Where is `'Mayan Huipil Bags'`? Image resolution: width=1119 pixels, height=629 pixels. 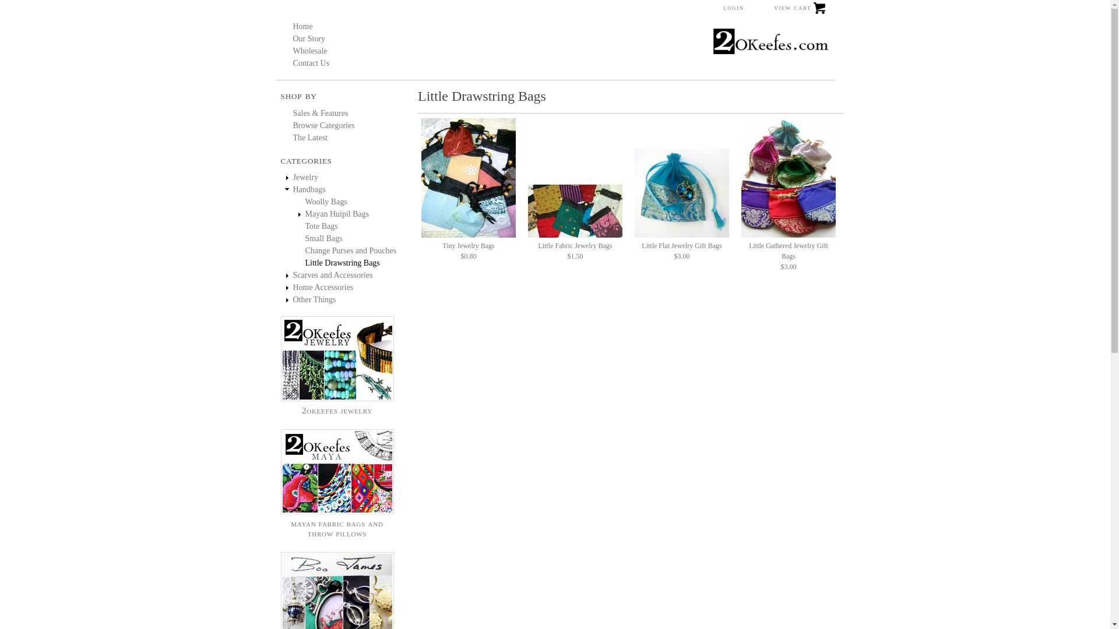
'Mayan Huipil Bags' is located at coordinates (337, 214).